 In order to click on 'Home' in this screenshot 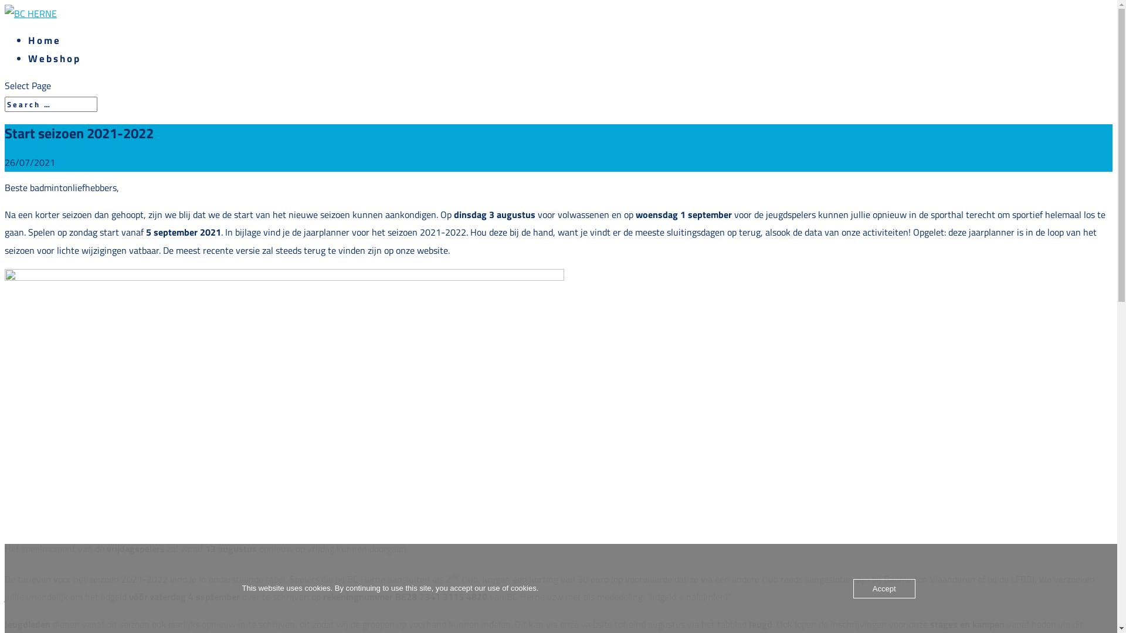, I will do `click(28, 40)`.